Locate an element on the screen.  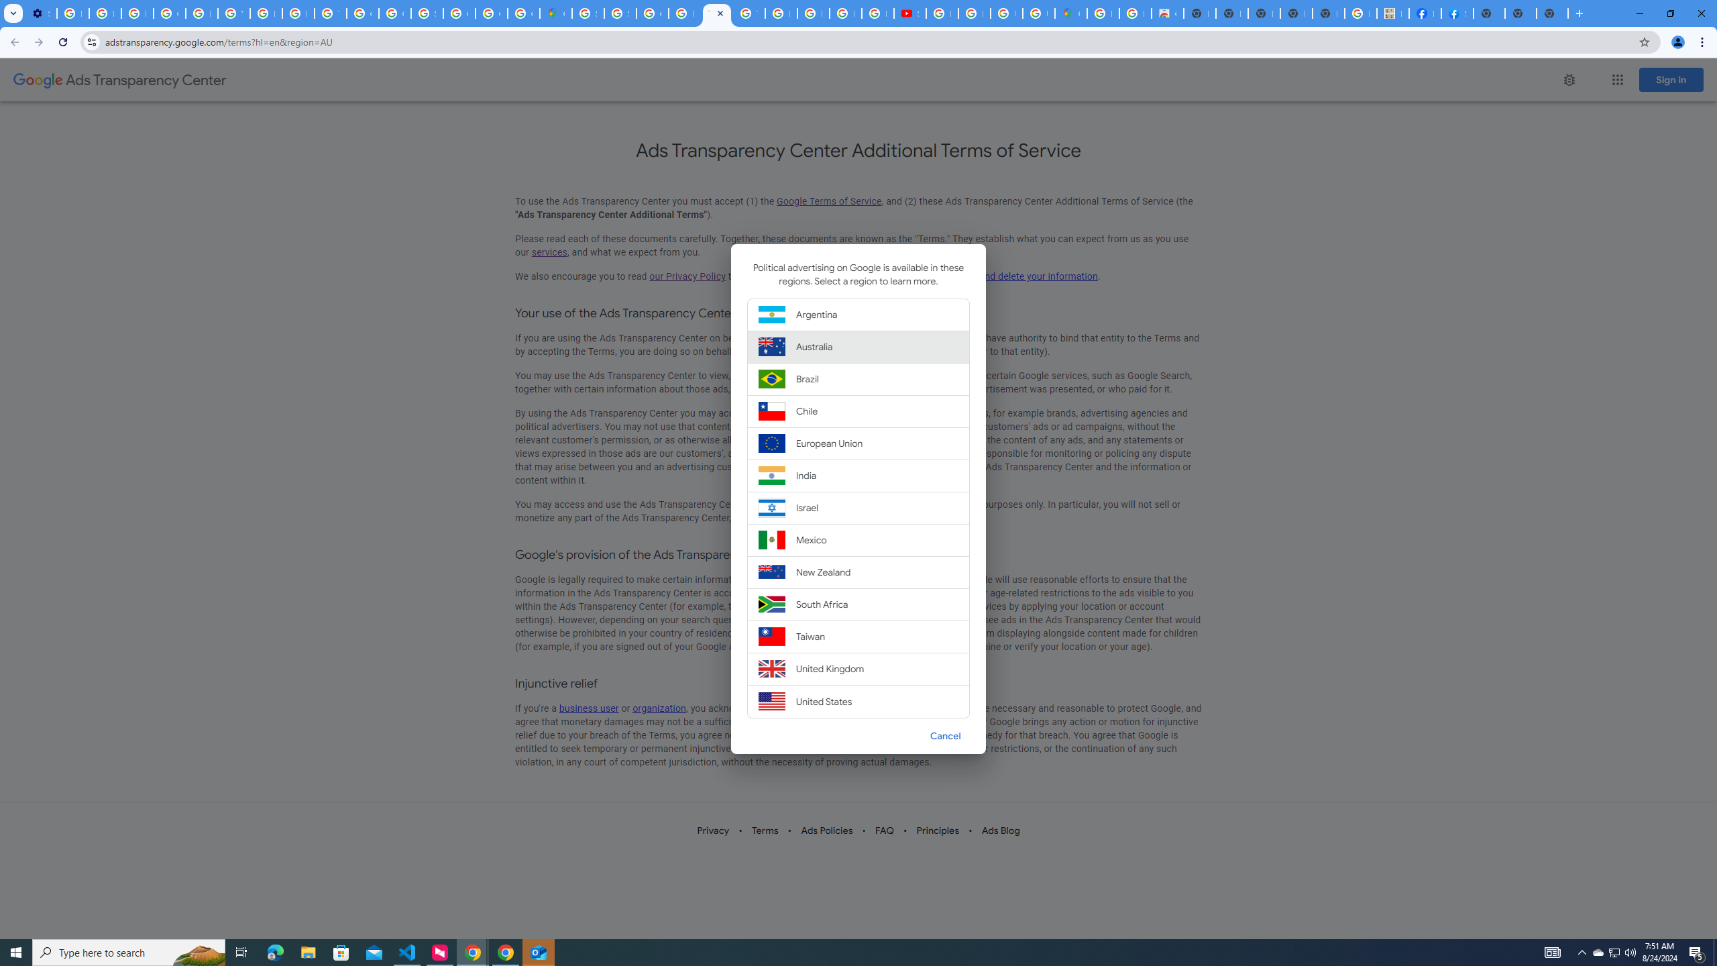
'United States' is located at coordinates (858, 701).